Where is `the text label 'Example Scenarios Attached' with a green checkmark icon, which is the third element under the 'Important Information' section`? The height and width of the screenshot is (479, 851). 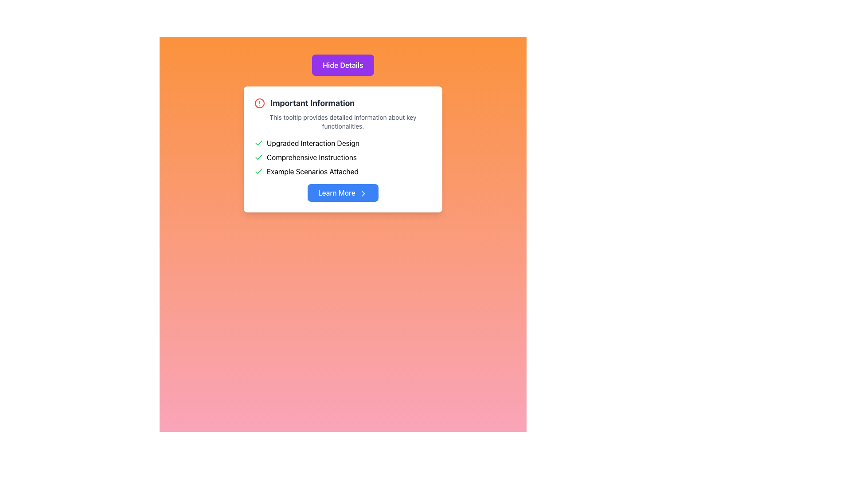 the text label 'Example Scenarios Attached' with a green checkmark icon, which is the third element under the 'Important Information' section is located at coordinates (342, 171).